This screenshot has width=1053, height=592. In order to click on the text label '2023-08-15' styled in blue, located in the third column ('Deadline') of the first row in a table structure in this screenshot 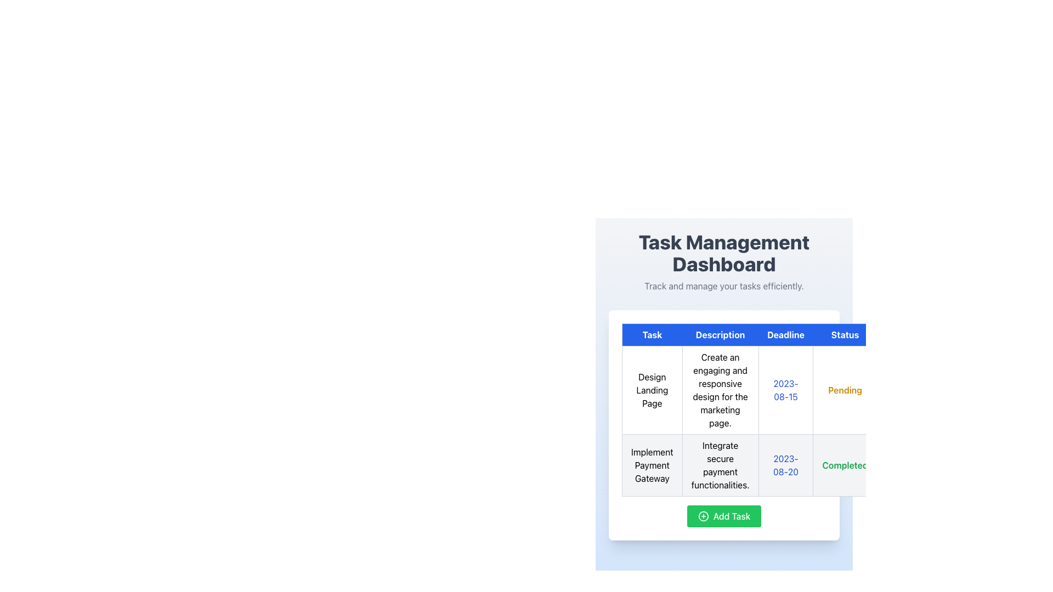, I will do `click(785, 390)`.